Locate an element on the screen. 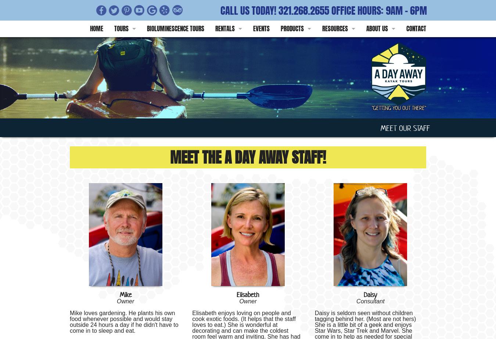 This screenshot has width=496, height=339. 'CALL US TODAY! 321.268.2655 Office Hours: 9am - 6pm' is located at coordinates (220, 11).